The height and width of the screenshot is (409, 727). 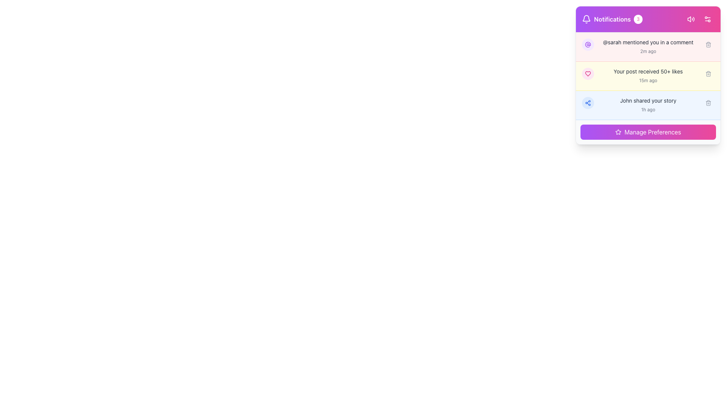 What do you see at coordinates (707, 19) in the screenshot?
I see `the settings button represented by a small circular icon with interconnected lines and dots on a vibrant pink background` at bounding box center [707, 19].